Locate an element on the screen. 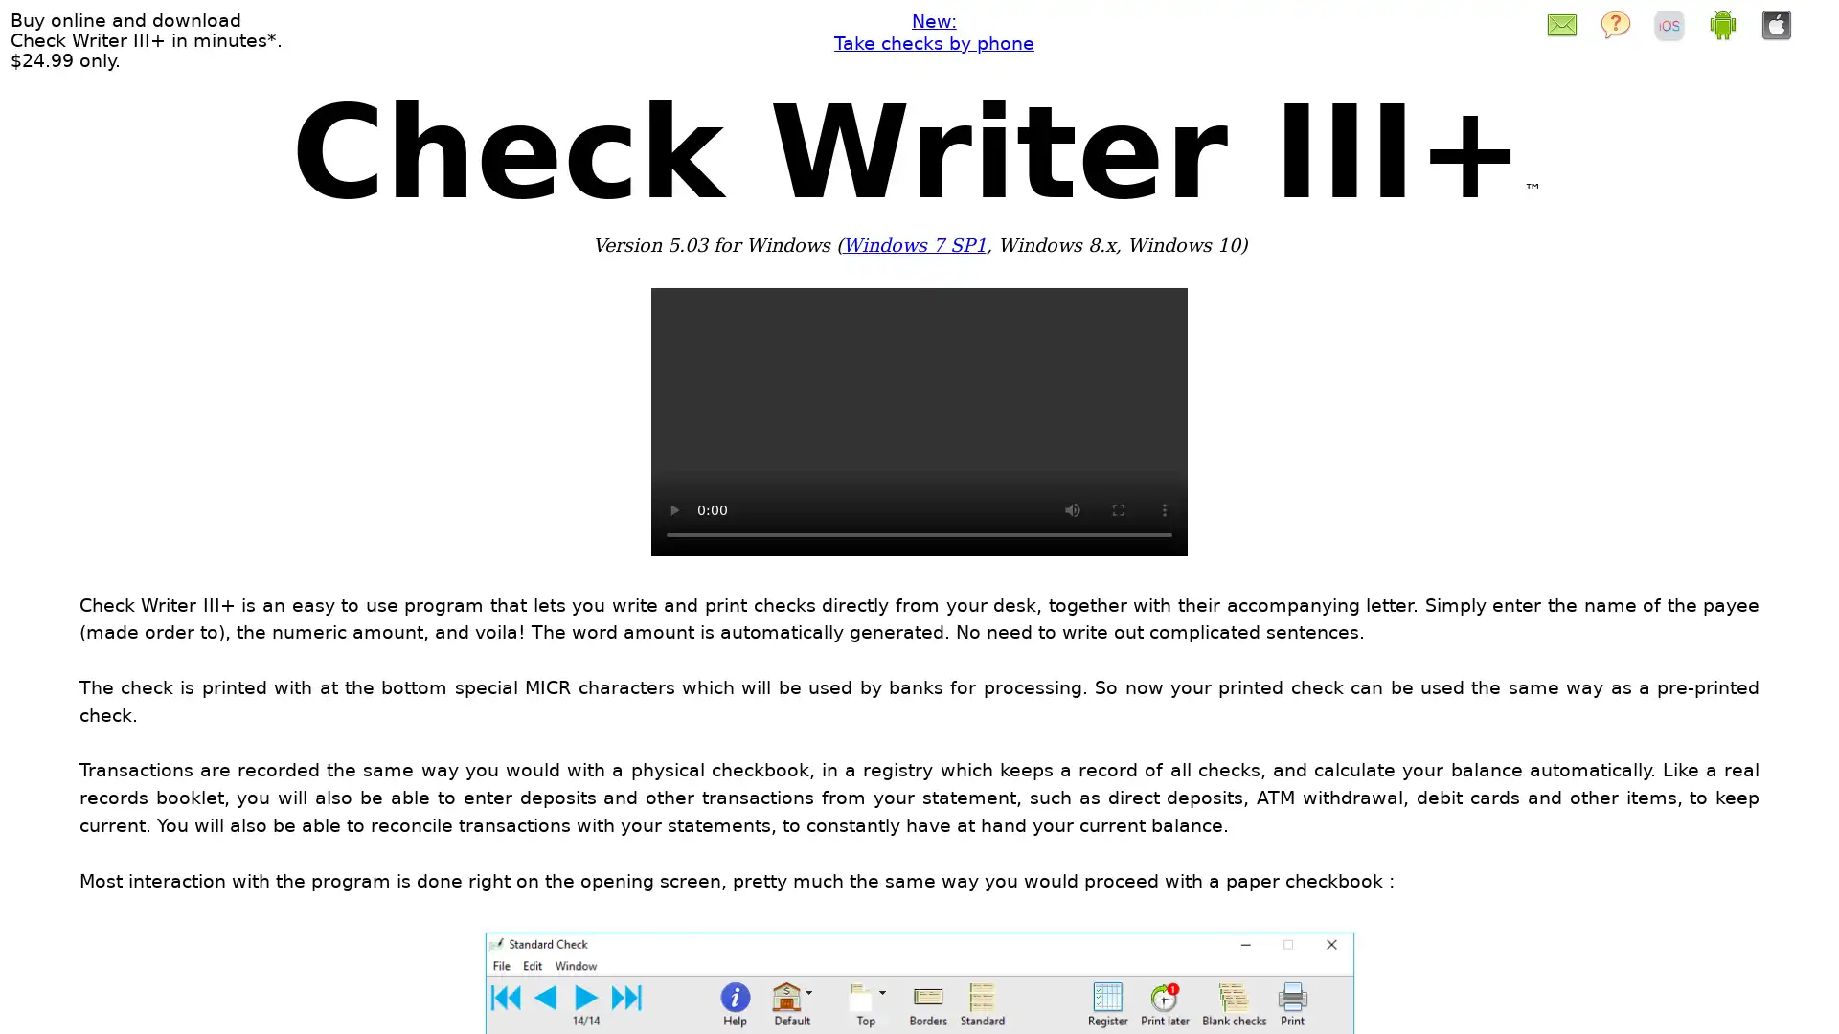  mute is located at coordinates (1071, 508).